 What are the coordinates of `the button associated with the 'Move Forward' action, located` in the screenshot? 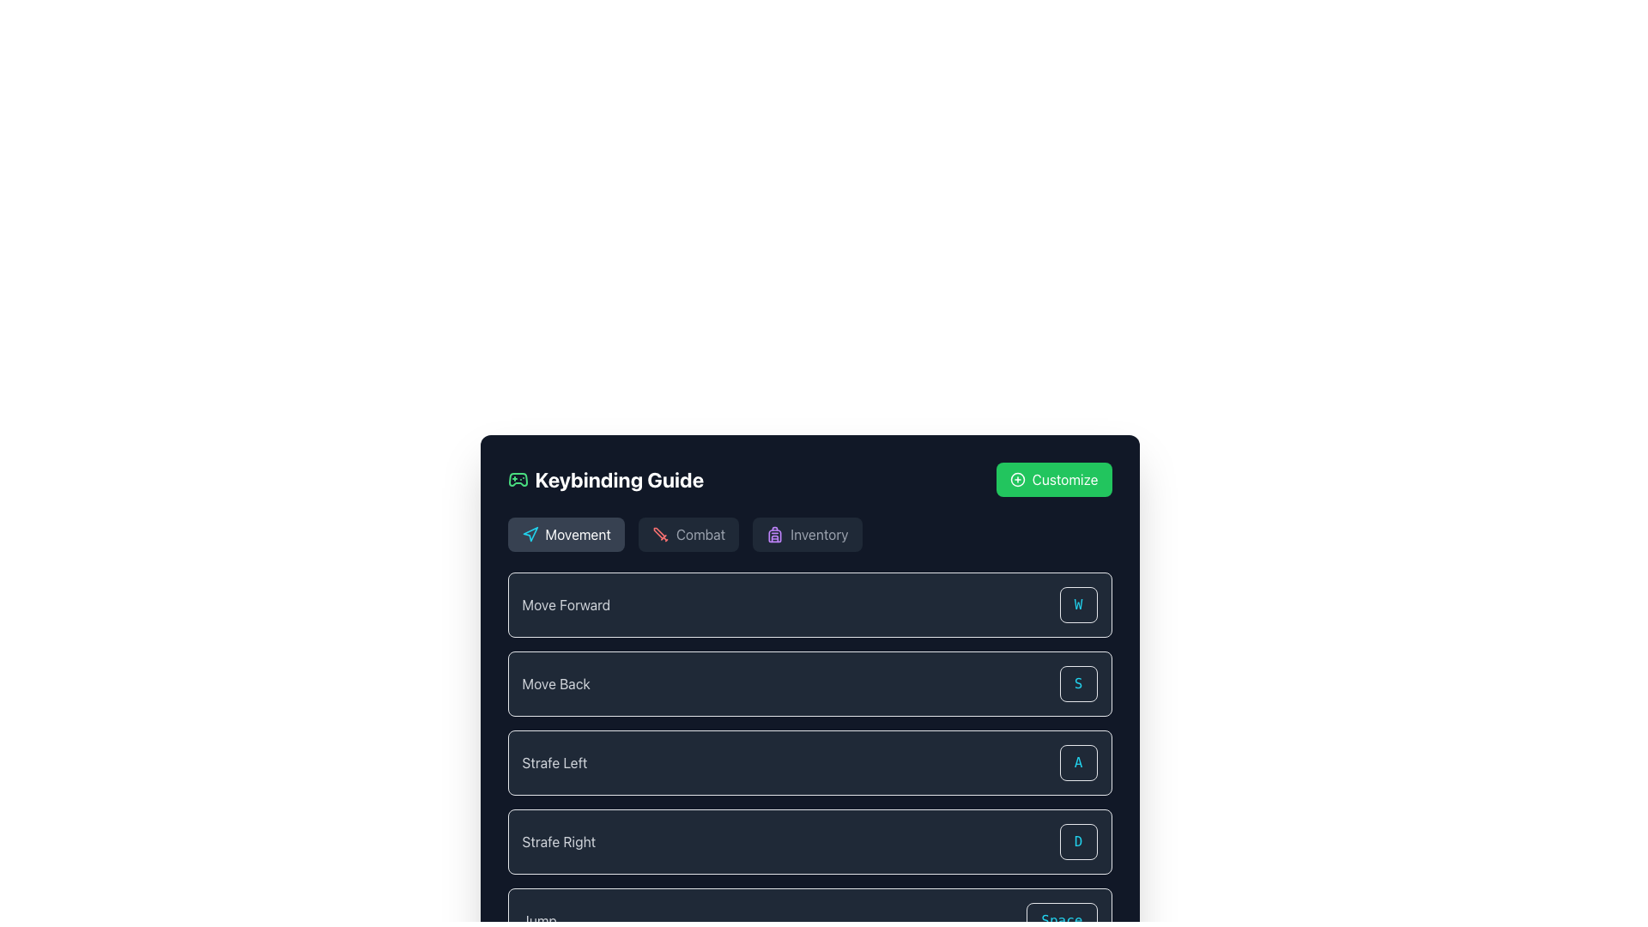 It's located at (1077, 604).